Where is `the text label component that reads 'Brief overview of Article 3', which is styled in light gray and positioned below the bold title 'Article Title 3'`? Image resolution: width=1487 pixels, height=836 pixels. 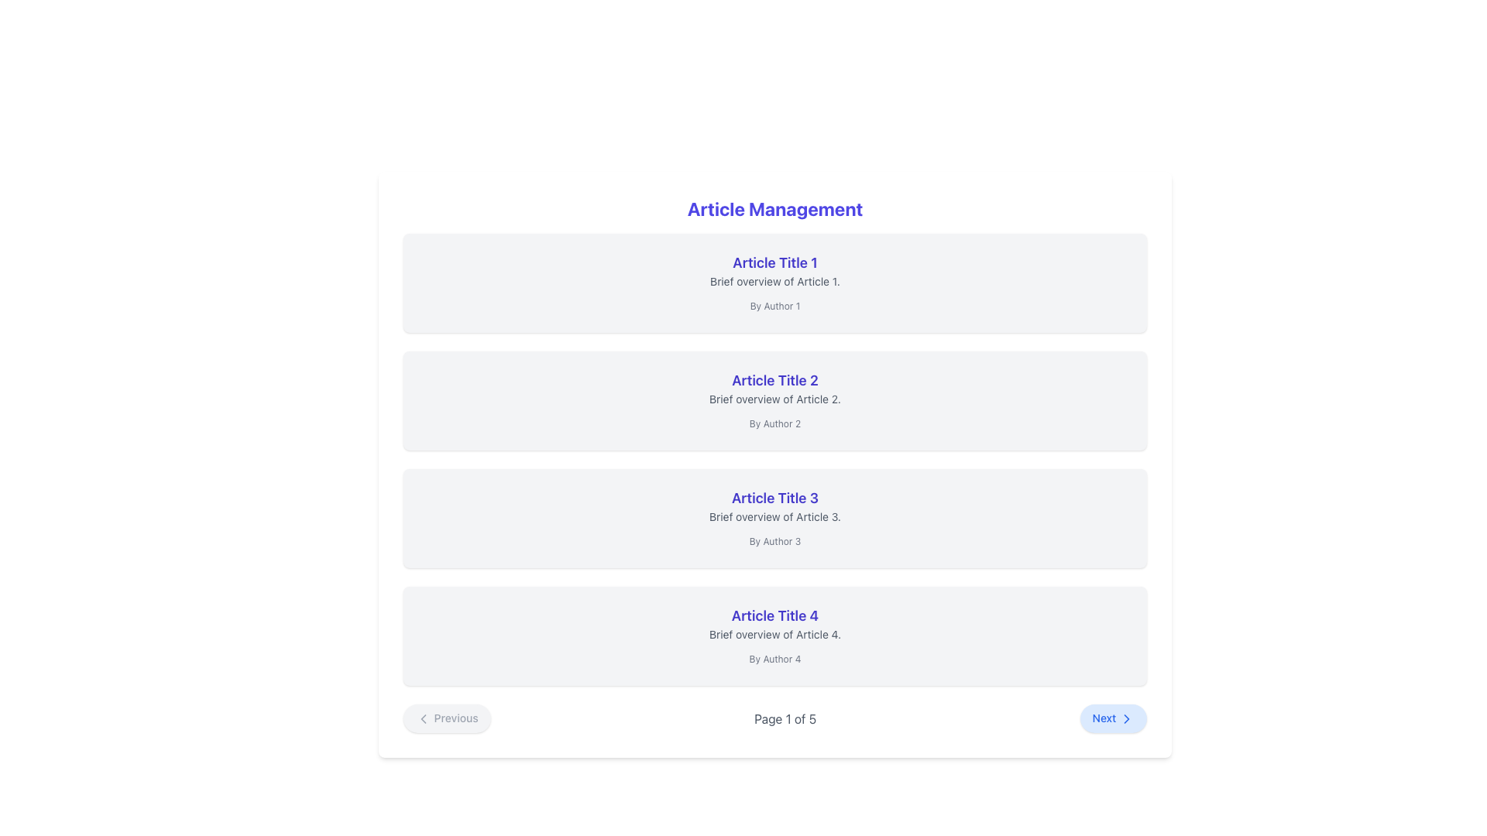 the text label component that reads 'Brief overview of Article 3', which is styled in light gray and positioned below the bold title 'Article Title 3' is located at coordinates (775, 516).